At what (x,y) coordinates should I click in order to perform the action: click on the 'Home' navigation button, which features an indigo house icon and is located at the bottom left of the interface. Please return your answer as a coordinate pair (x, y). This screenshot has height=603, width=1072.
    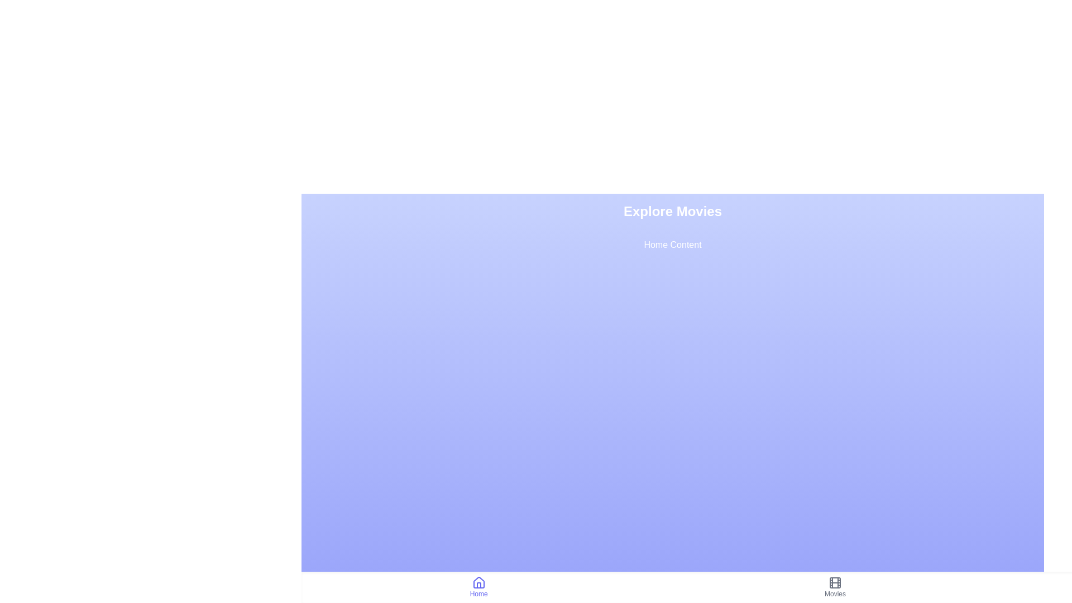
    Looking at the image, I should click on (478, 587).